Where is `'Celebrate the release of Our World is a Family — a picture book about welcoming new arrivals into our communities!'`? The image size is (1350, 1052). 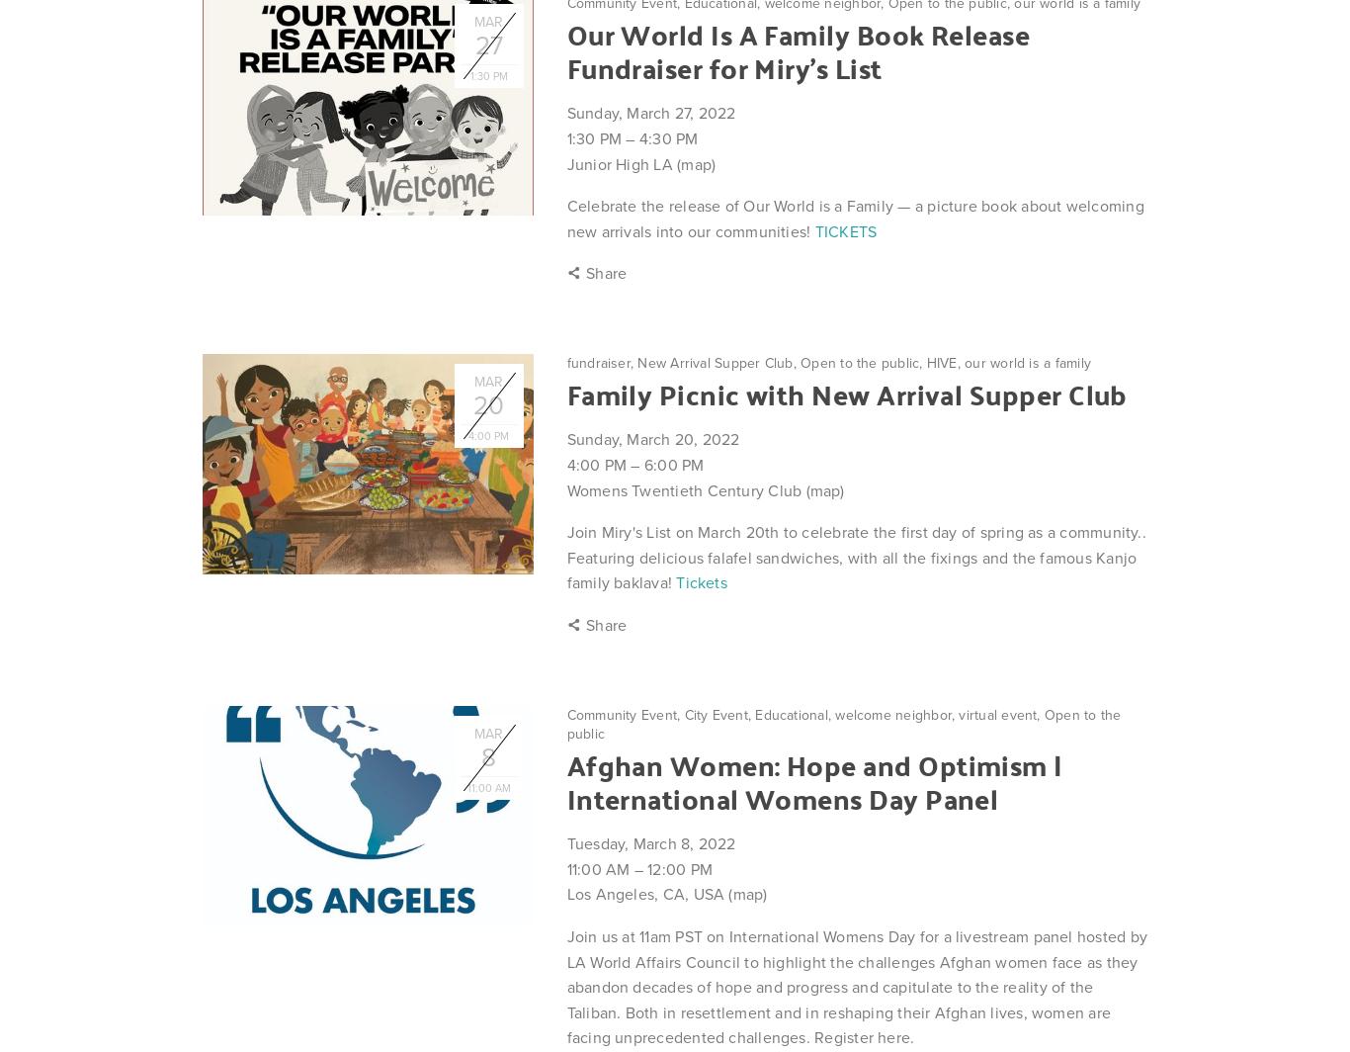 'Celebrate the release of Our World is a Family — a picture book about welcoming new arrivals into our communities!' is located at coordinates (853, 218).